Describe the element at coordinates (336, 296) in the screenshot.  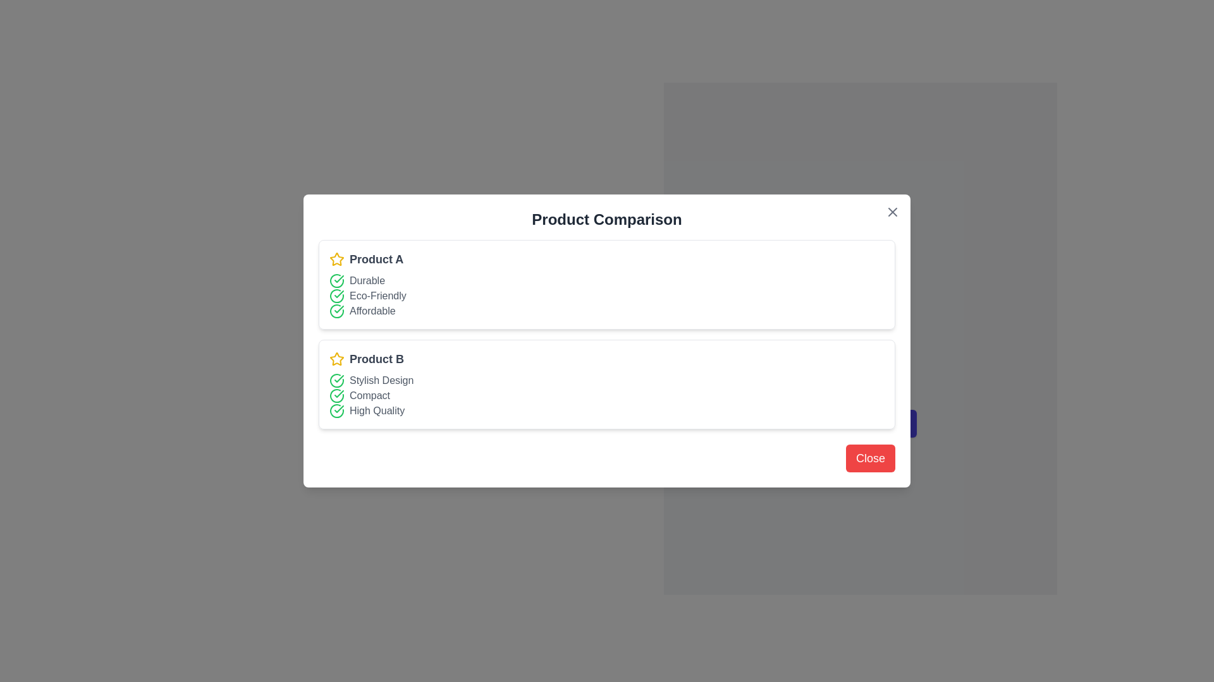
I see `the green circular check icon located to the left of the 'Eco-Friendly' text in the 'Product Comparison' dialog` at that location.